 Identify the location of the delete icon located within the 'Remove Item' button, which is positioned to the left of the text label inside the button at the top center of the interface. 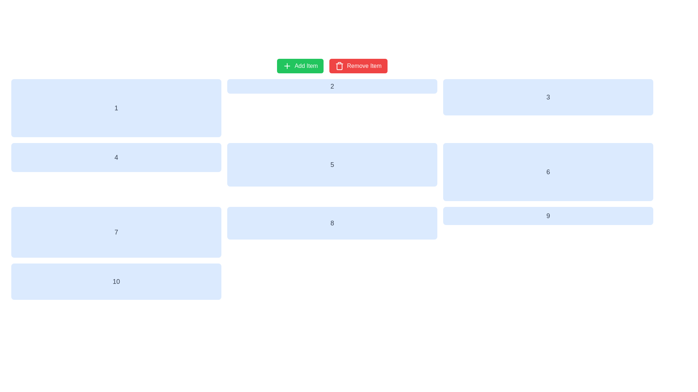
(339, 66).